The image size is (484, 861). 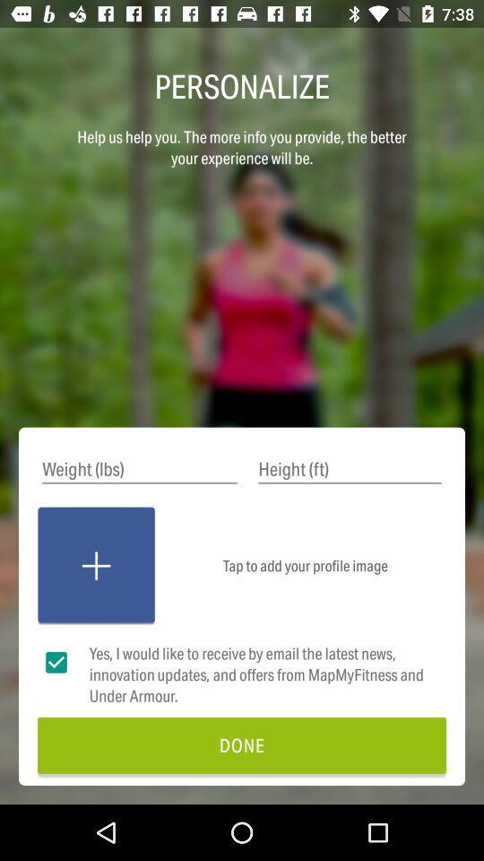 I want to click on icon below weightslbs, so click(x=96, y=565).